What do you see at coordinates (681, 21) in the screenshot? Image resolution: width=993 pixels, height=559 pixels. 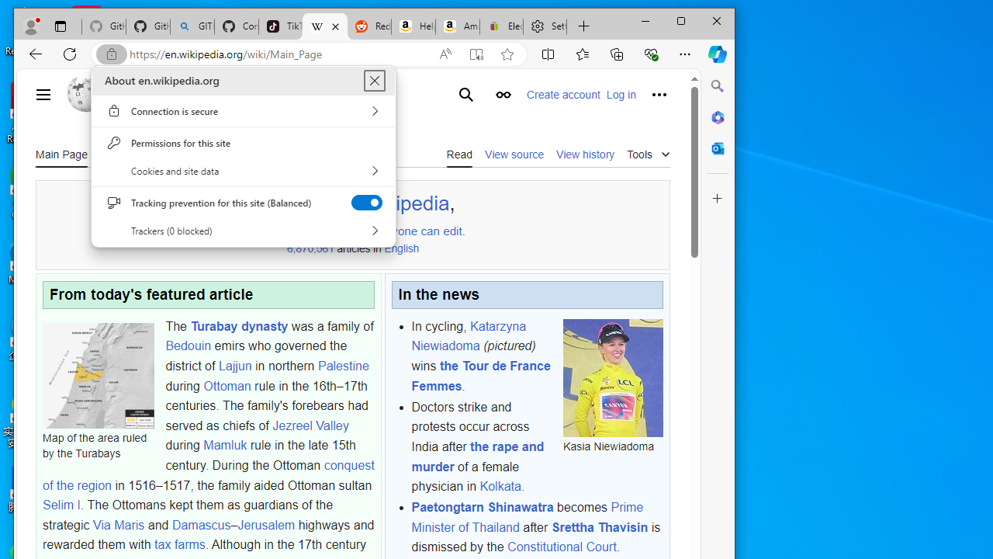 I see `'Maximize'` at bounding box center [681, 21].